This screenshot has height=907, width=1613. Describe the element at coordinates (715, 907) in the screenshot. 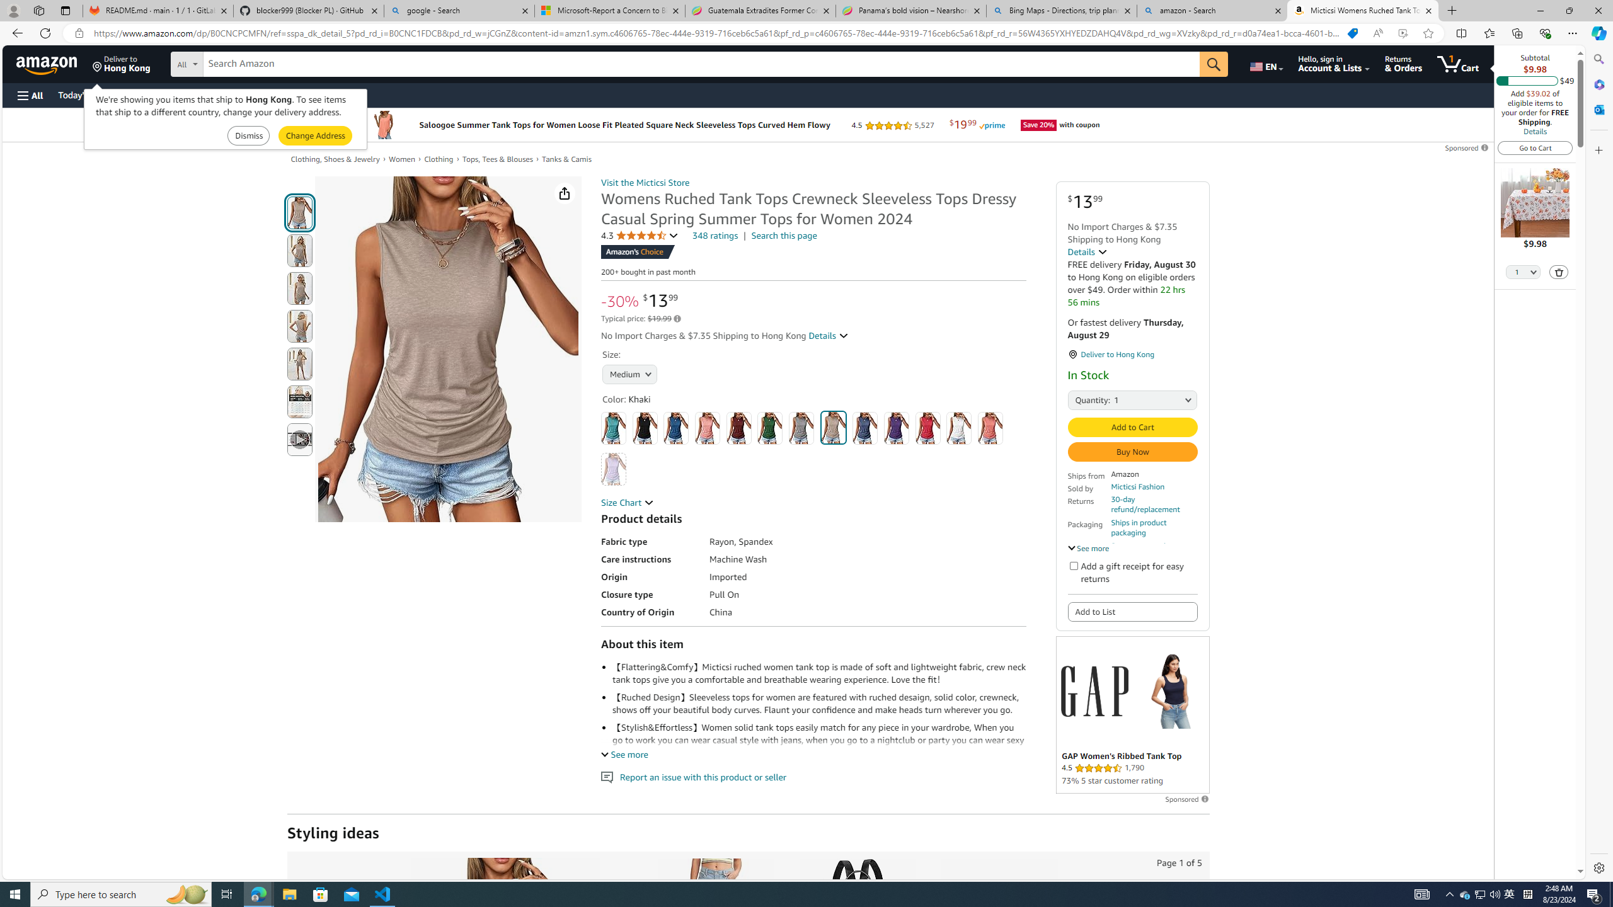

I see `'+18Levi'` at that location.